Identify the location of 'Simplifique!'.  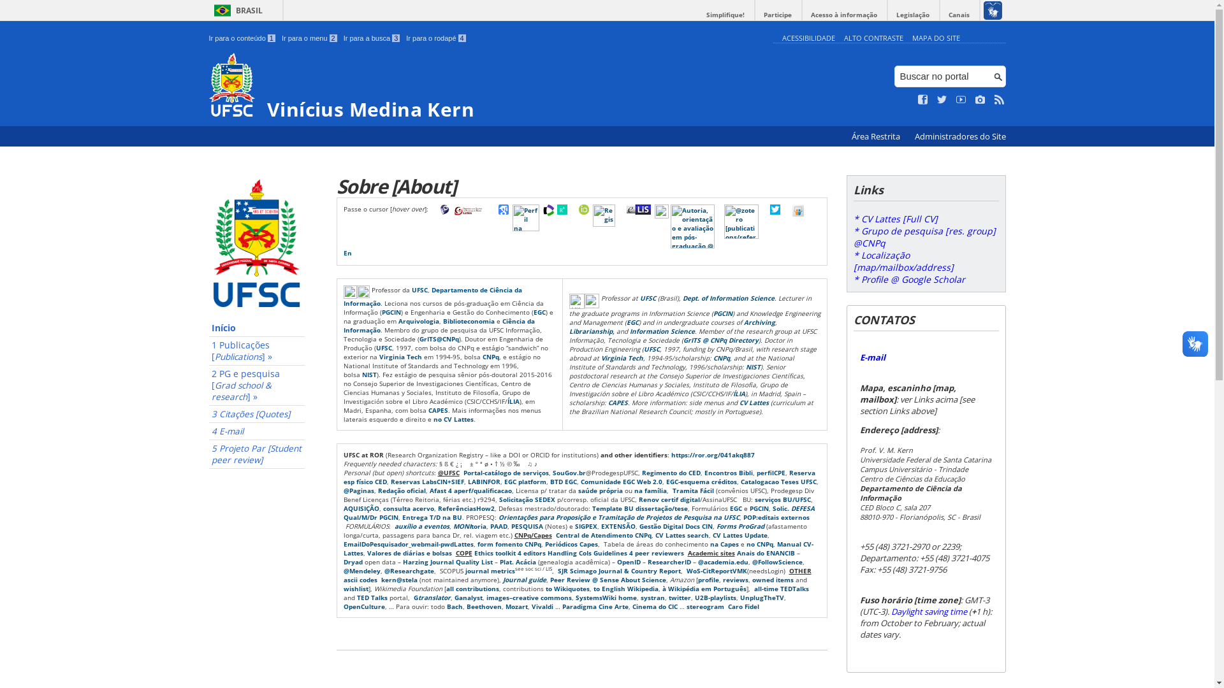
(725, 15).